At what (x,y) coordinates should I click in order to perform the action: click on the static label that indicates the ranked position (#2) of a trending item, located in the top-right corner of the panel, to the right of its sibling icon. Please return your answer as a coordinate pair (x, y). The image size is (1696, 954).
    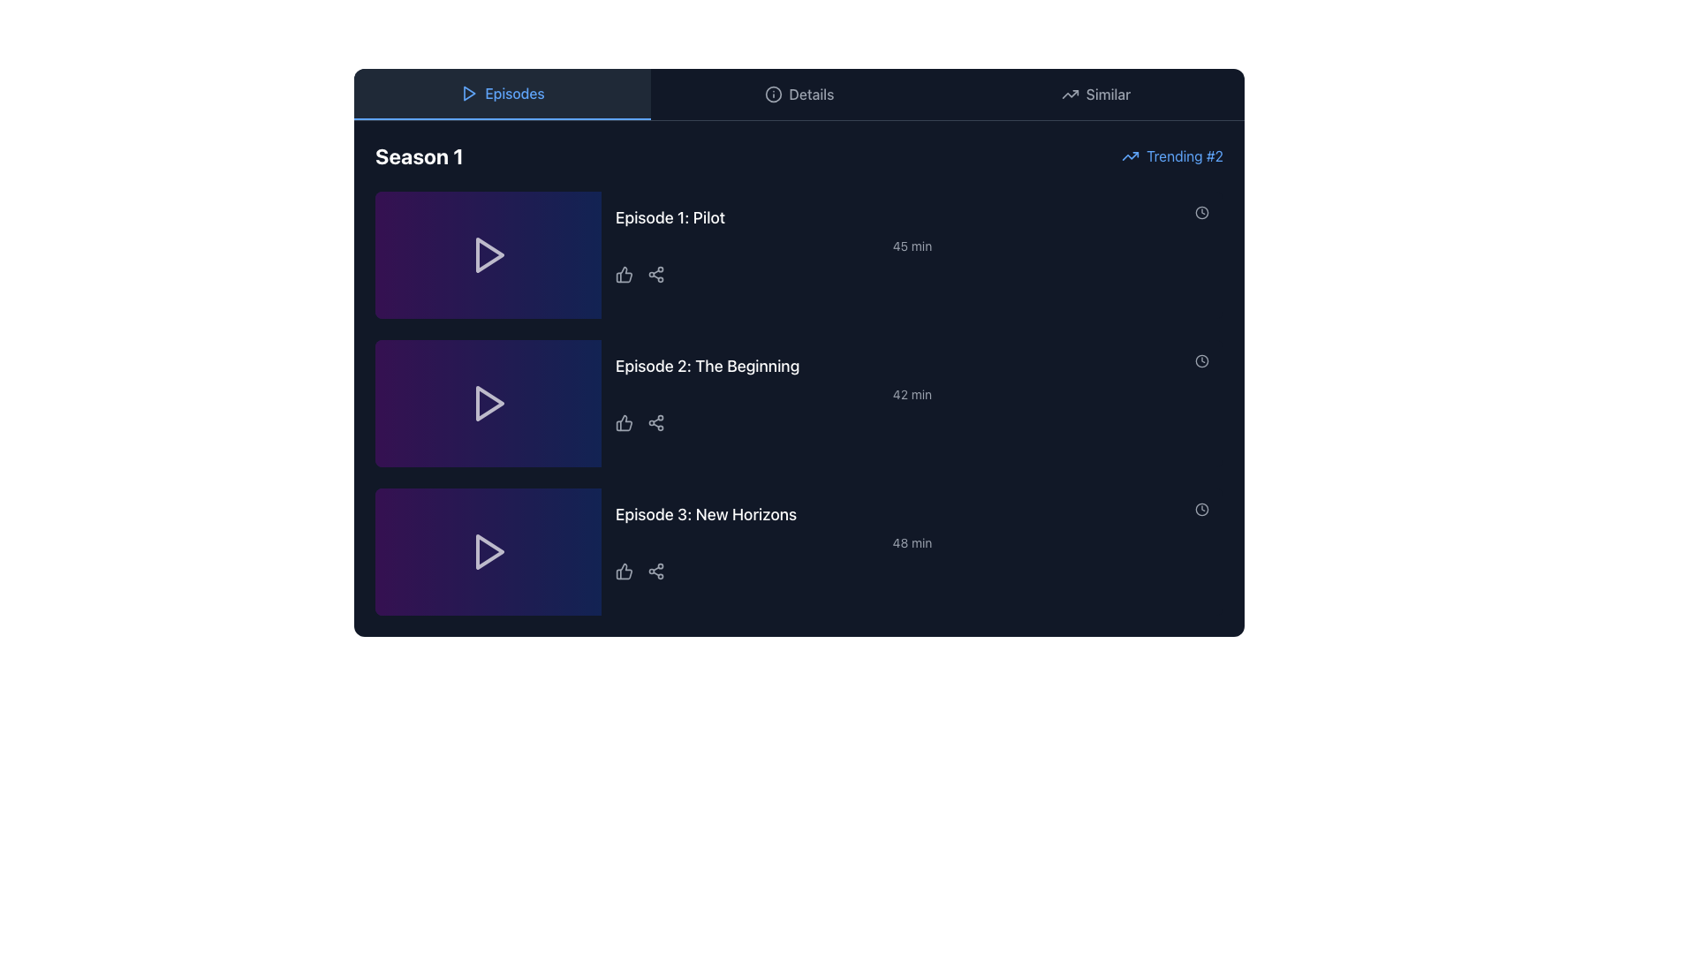
    Looking at the image, I should click on (1185, 155).